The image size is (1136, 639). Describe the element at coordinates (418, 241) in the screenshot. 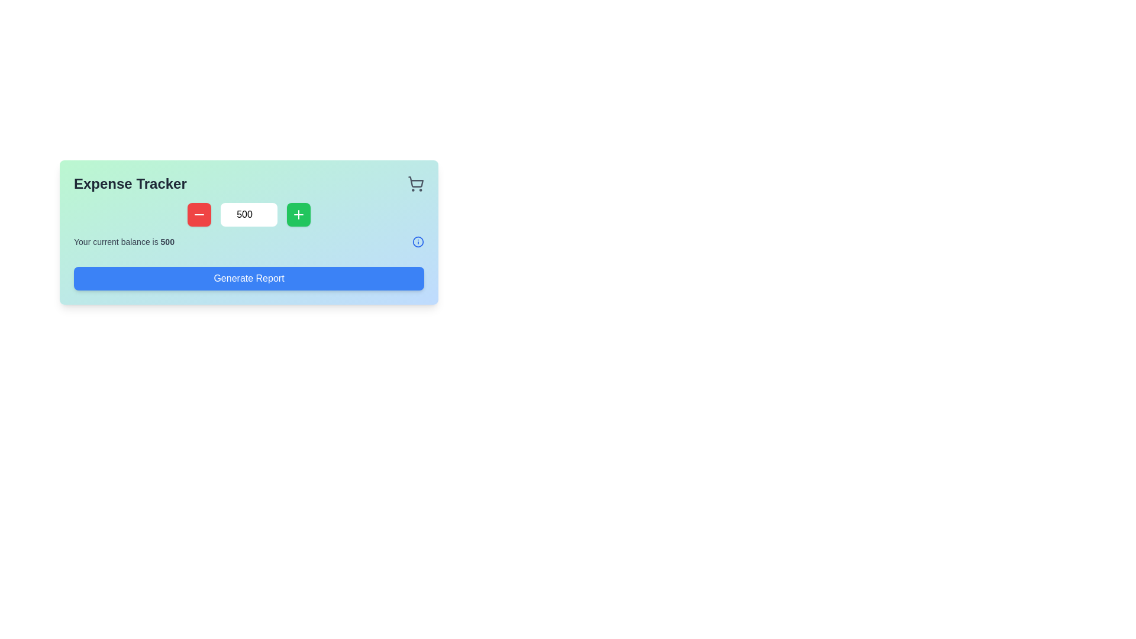

I see `the circular information icon with a blue border and dot, located to the far right of the text 'Your current balance is 500'` at that location.